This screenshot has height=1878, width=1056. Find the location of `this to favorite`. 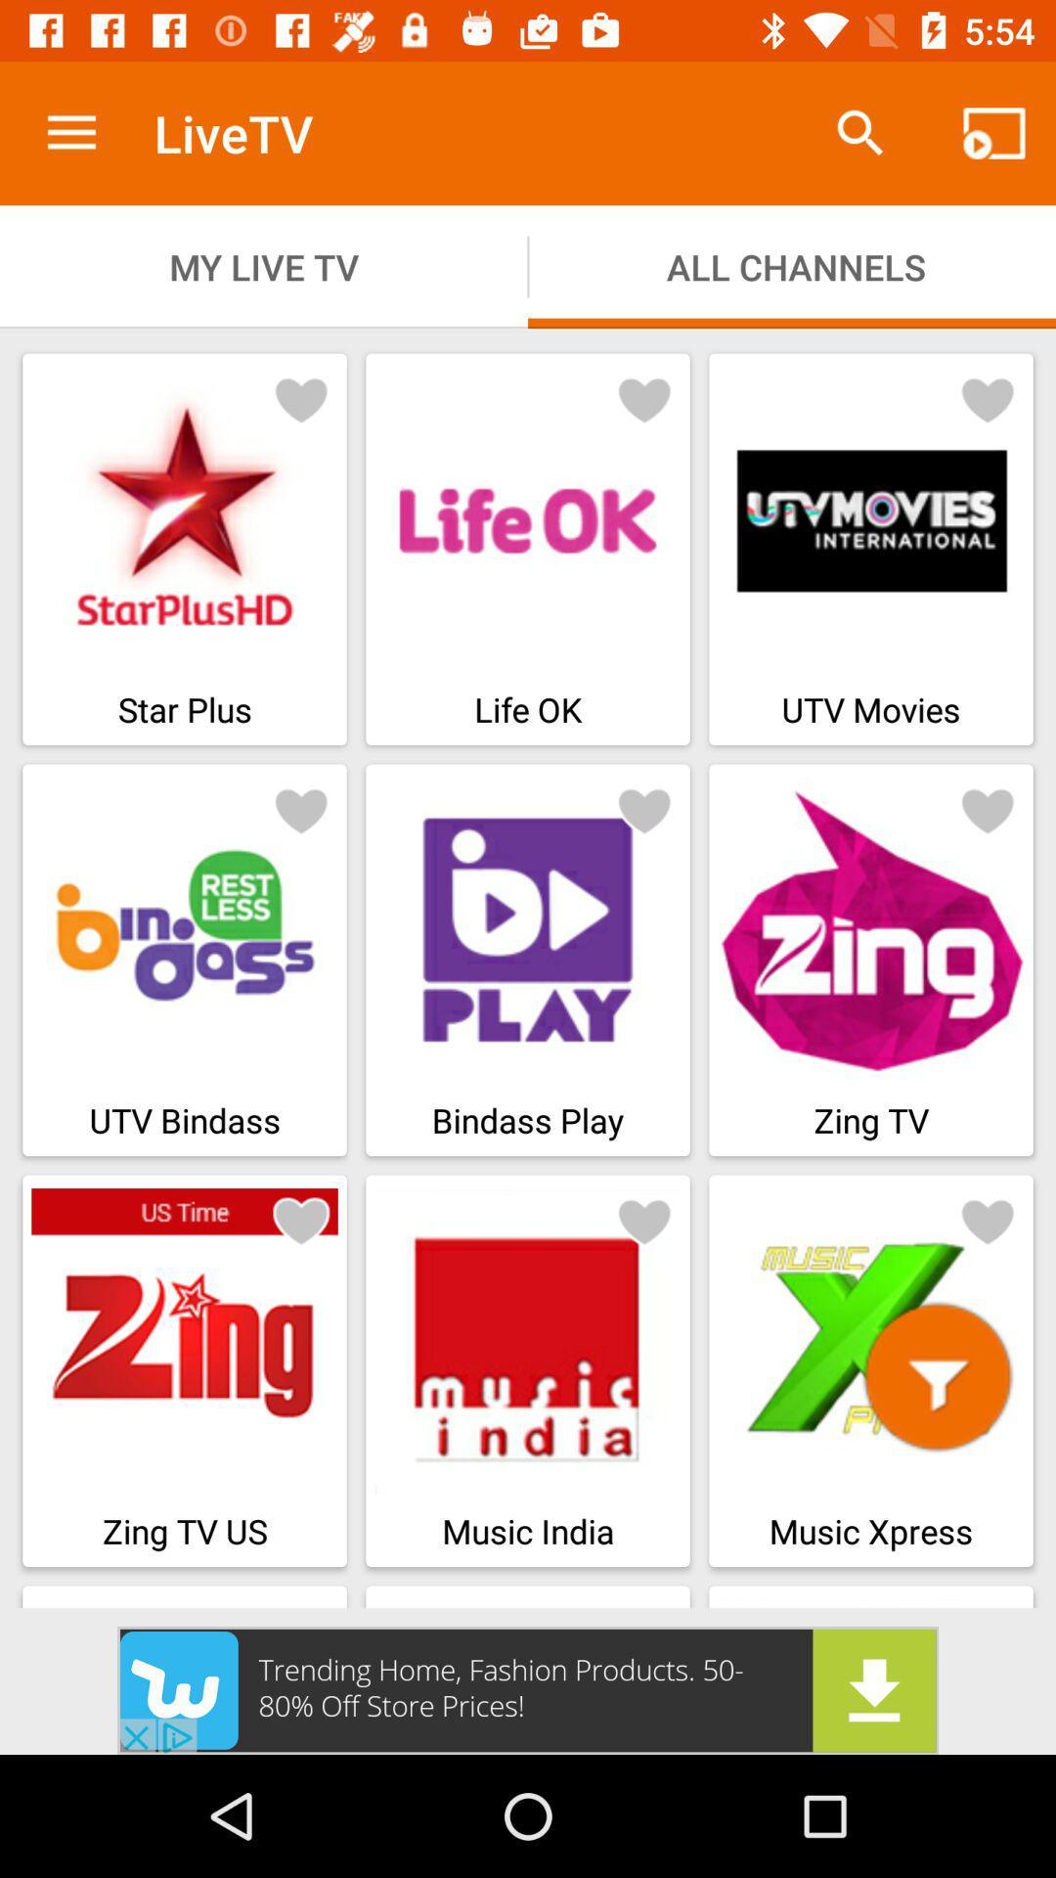

this to favorite is located at coordinates (988, 810).